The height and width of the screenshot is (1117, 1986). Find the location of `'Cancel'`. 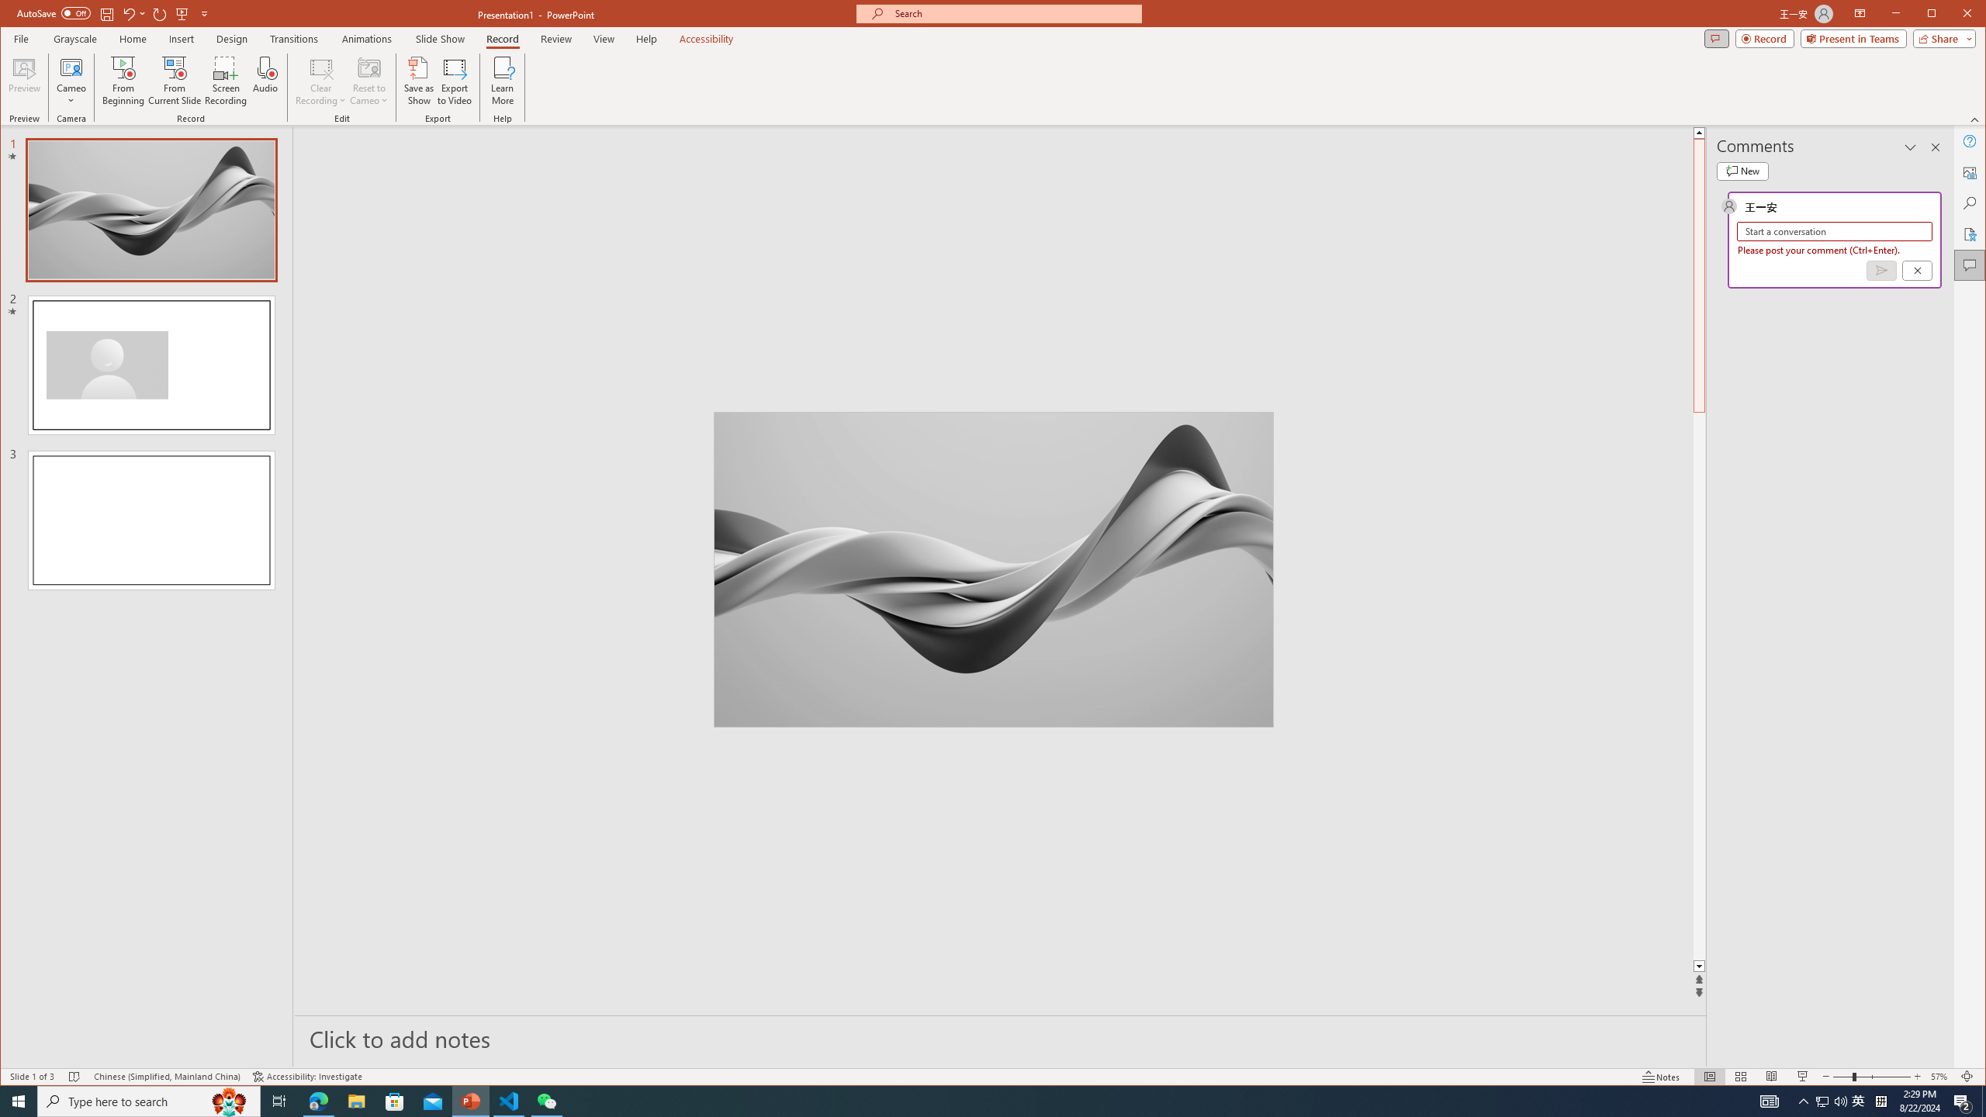

'Cancel' is located at coordinates (1916, 270).